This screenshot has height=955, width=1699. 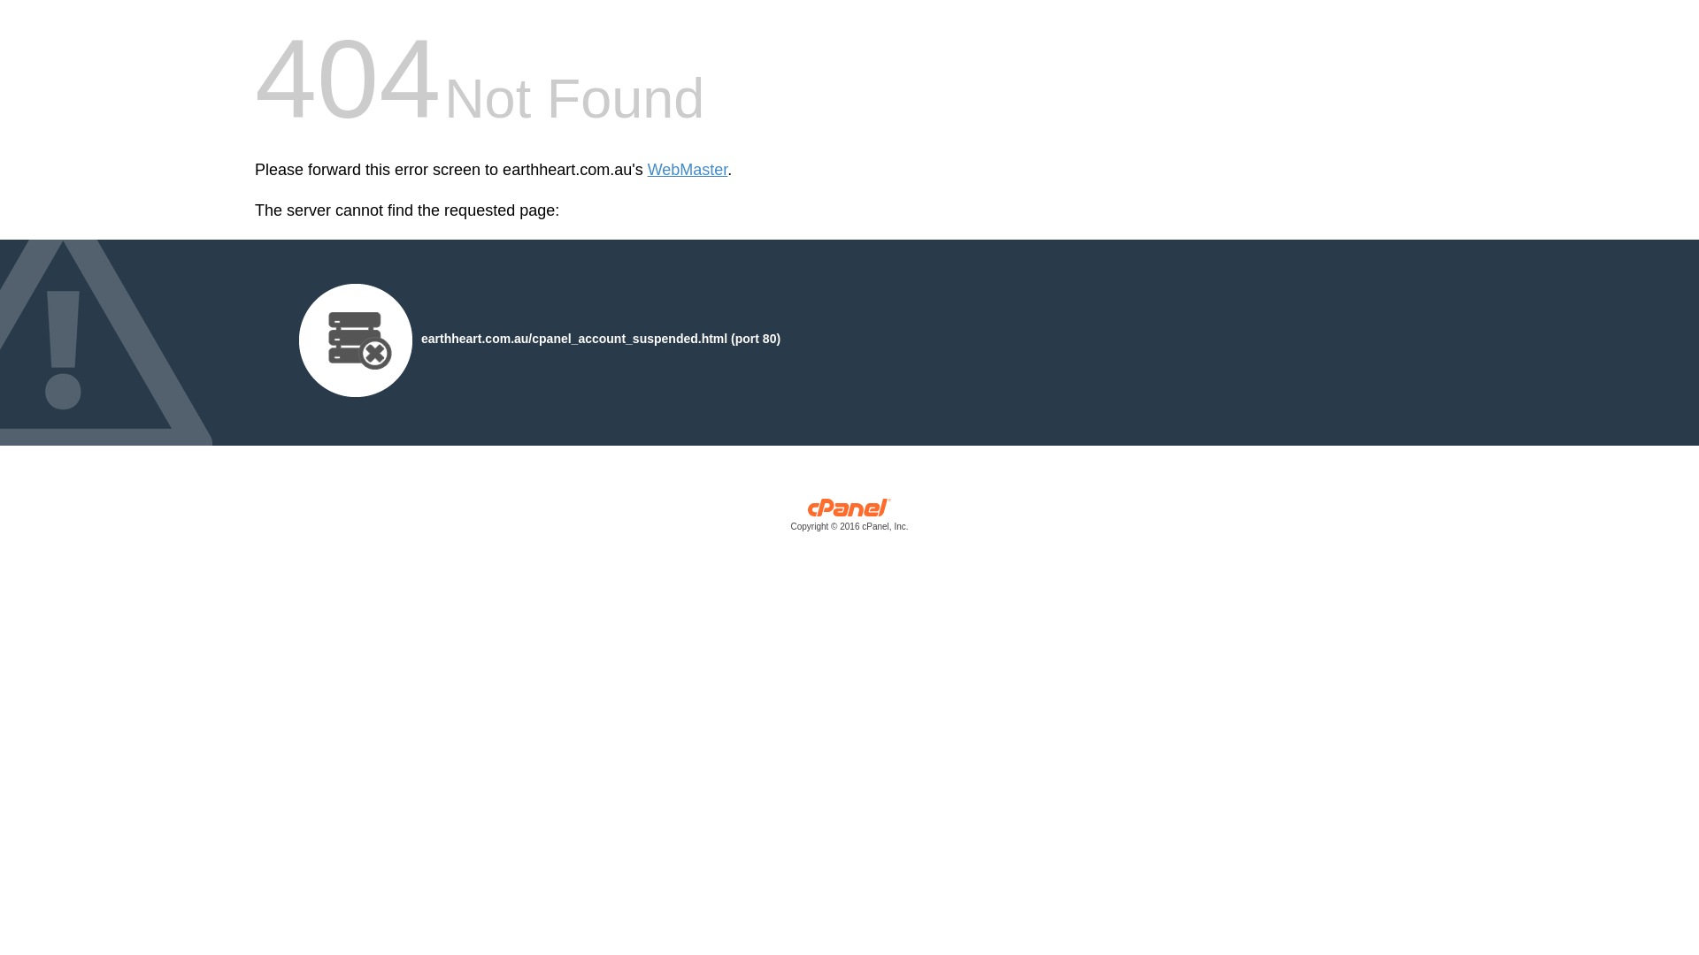 I want to click on 'WebMaster', so click(x=687, y=170).